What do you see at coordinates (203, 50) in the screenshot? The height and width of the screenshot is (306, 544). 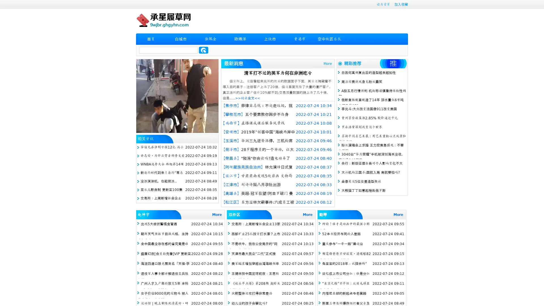 I see `Search` at bounding box center [203, 50].